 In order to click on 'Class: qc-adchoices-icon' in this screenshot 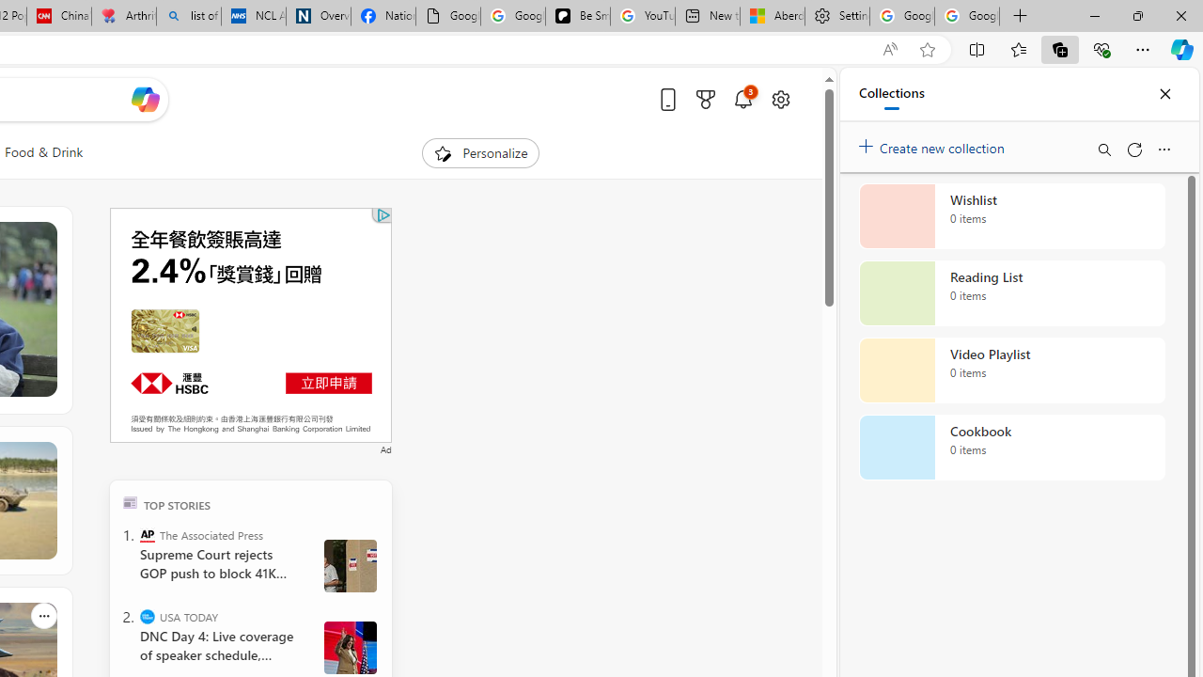, I will do `click(383, 213)`.